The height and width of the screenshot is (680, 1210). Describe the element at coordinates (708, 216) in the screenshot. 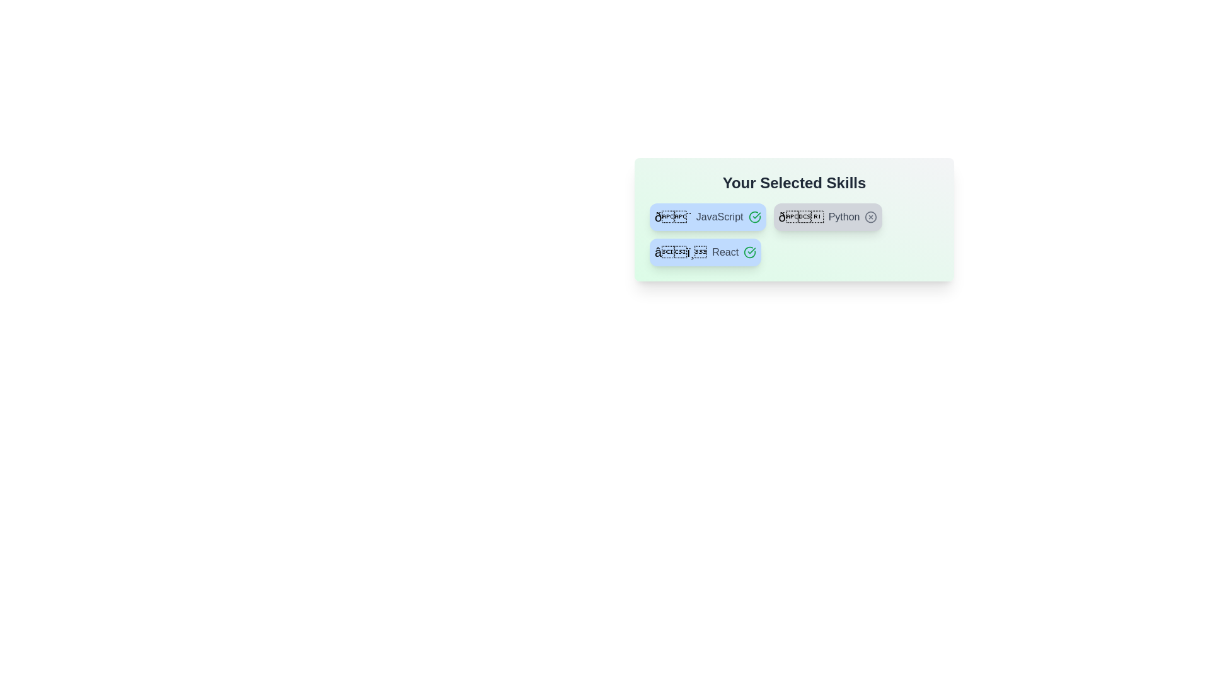

I see `the skill chip labeled 'JavaScript' to highlight its text` at that location.